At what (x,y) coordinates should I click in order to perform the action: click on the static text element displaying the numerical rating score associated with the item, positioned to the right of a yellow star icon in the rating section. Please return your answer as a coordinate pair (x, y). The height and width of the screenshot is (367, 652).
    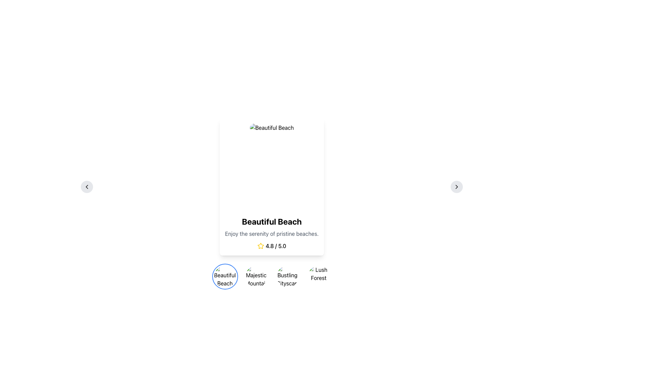
    Looking at the image, I should click on (276, 246).